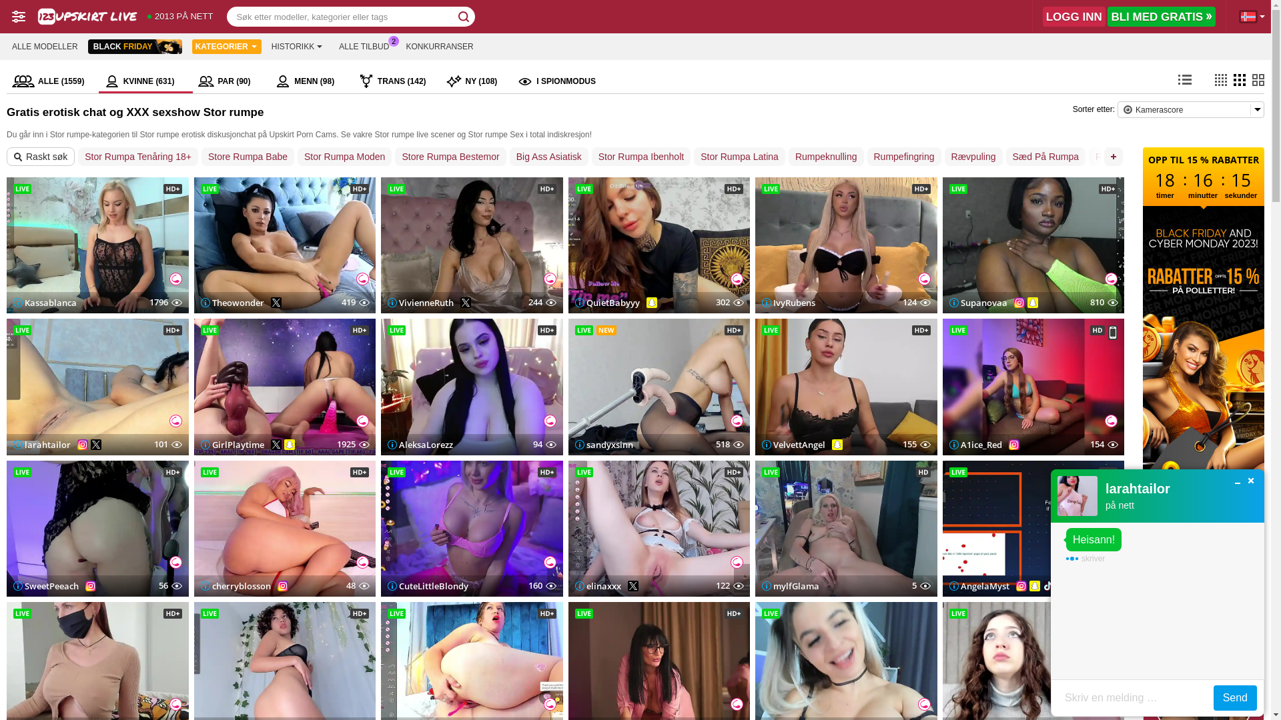  What do you see at coordinates (248, 156) in the screenshot?
I see `'Store Rumpa Babe'` at bounding box center [248, 156].